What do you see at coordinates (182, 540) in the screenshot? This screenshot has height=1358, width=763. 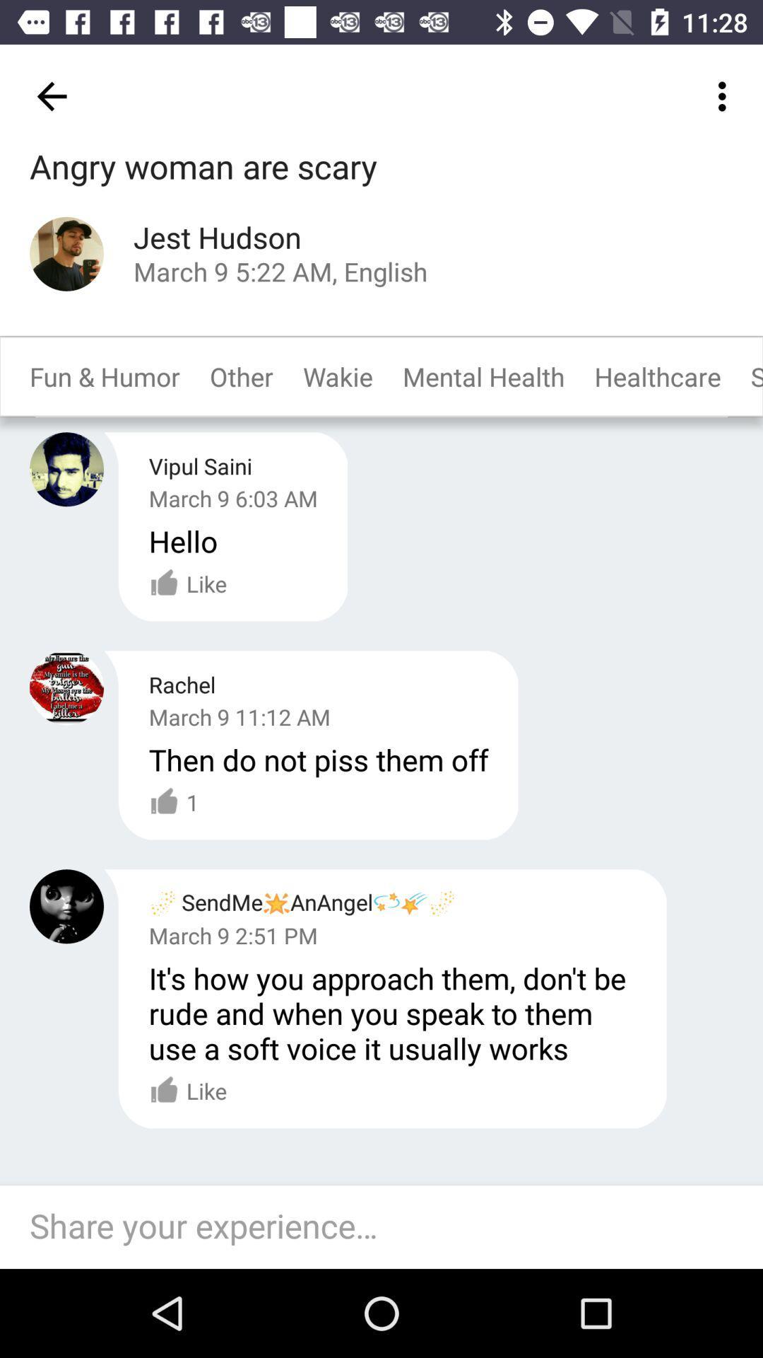 I see `the hello` at bounding box center [182, 540].